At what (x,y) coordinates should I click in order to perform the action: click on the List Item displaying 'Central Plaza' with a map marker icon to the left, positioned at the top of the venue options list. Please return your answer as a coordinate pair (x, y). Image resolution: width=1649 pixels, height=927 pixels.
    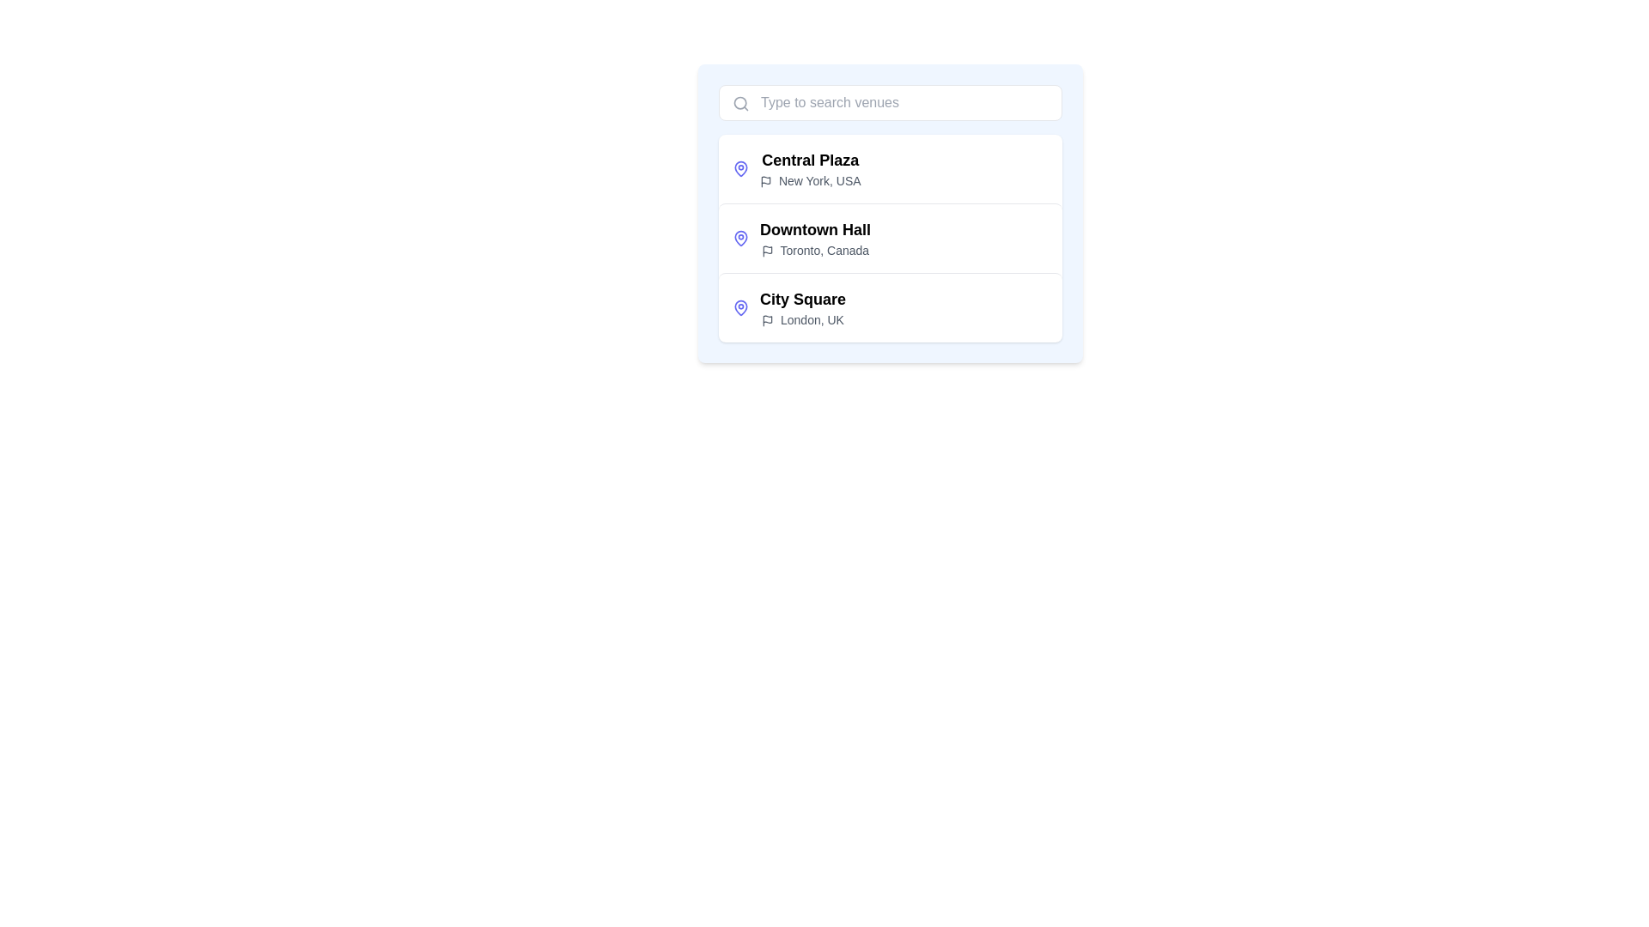
    Looking at the image, I should click on (809, 168).